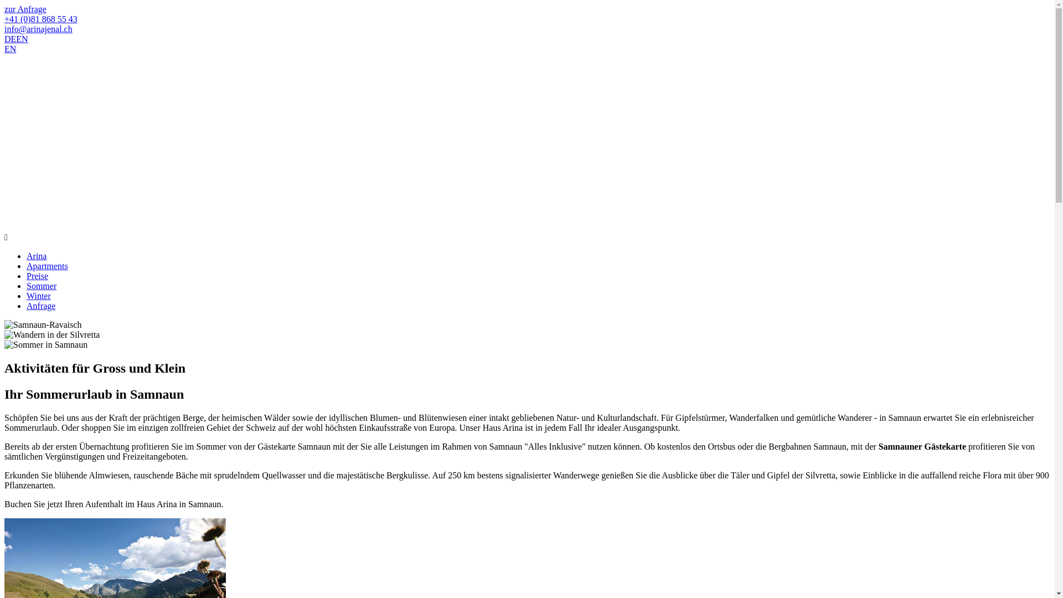  I want to click on ' Wandern in der Silvretta', so click(51, 334).